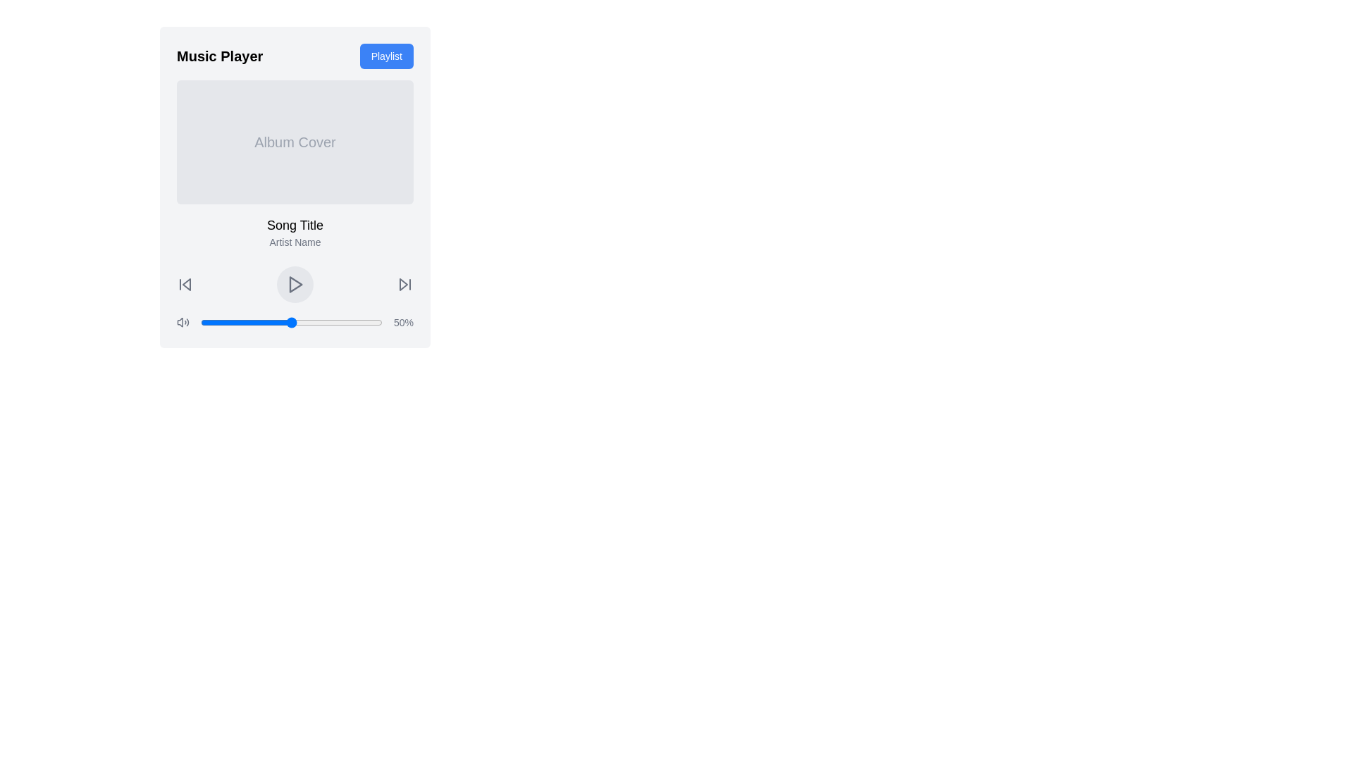 This screenshot has height=761, width=1353. I want to click on the triangular play icon located in the center of the music player interface to play media, so click(295, 285).